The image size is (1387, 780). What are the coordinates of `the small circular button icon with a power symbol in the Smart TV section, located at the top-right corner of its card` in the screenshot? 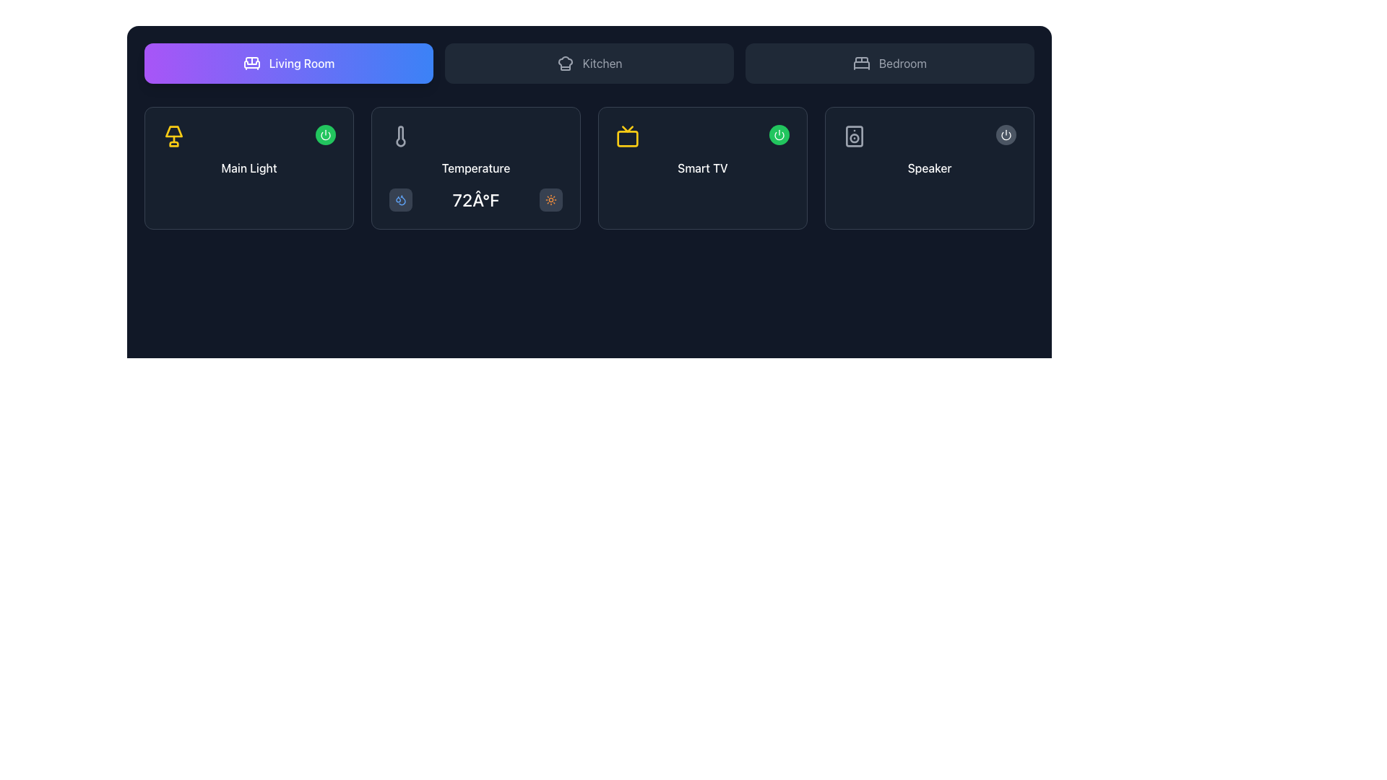 It's located at (779, 134).